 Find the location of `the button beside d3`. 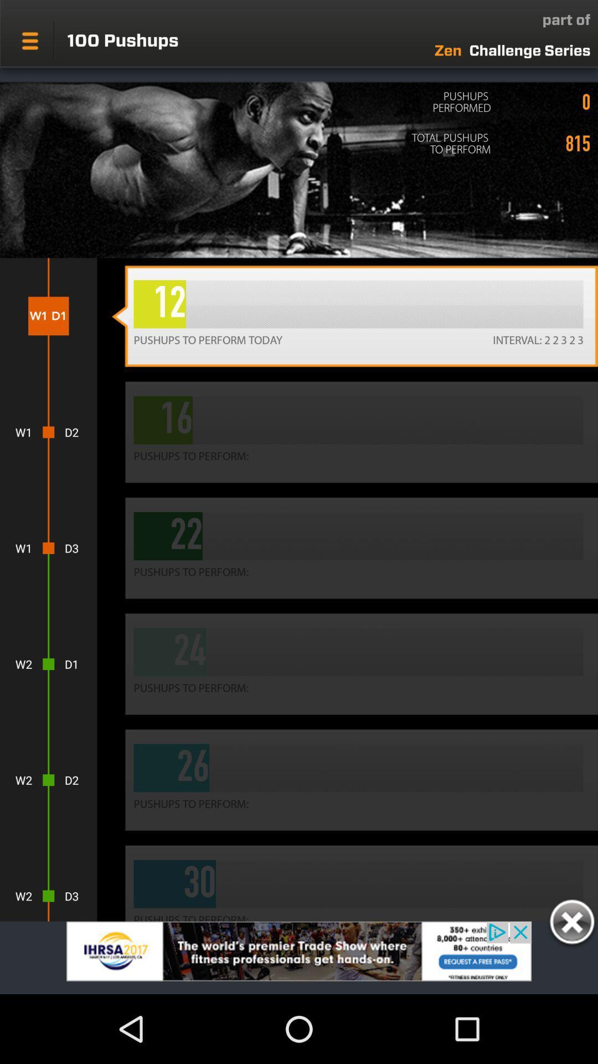

the button beside d3 is located at coordinates (354, 548).